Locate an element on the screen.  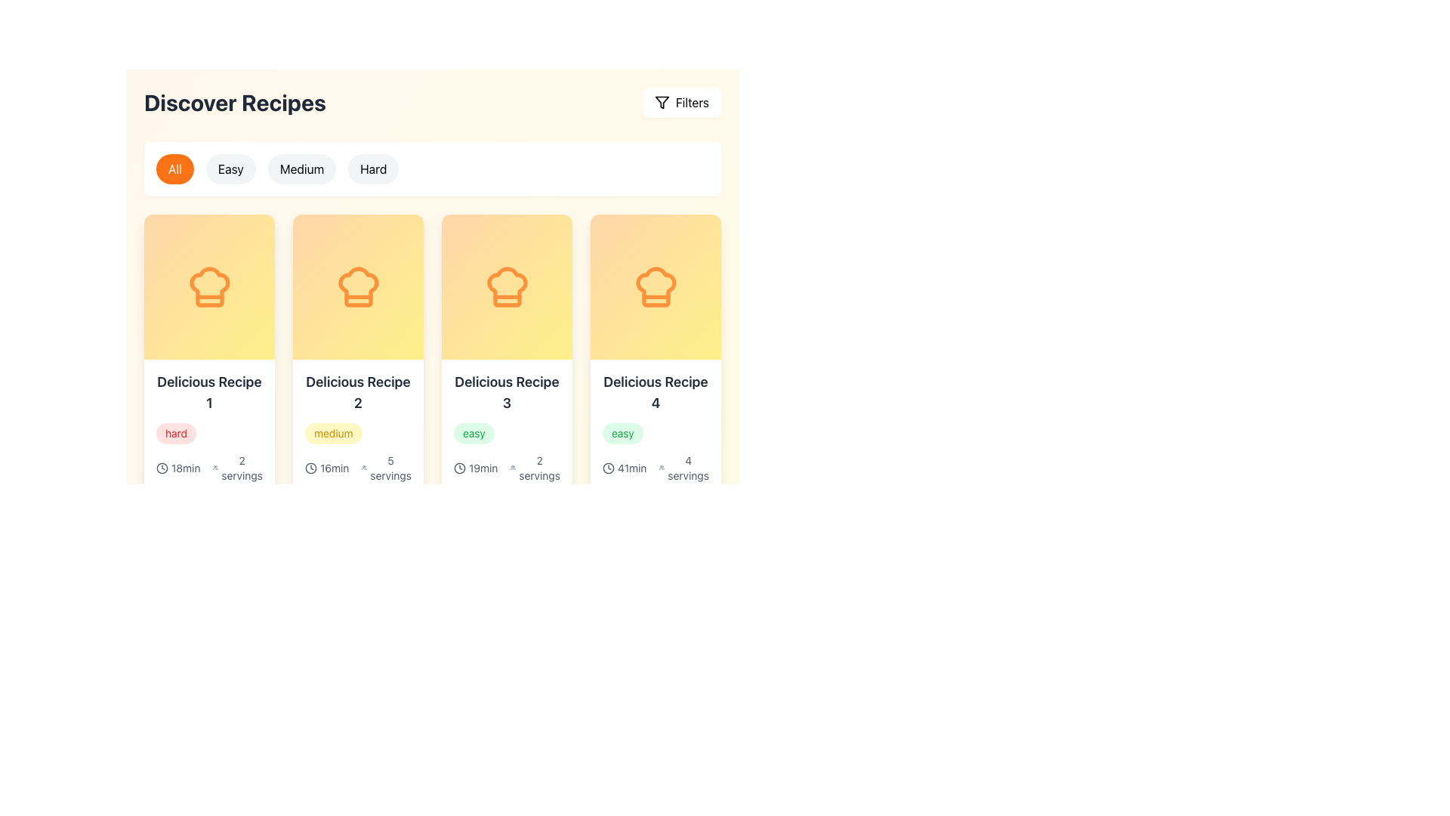
the chef's hat icon located at the top center of the first recipe card labeled 'Delicious Recipe 1', which serves as a thematic symbol for the recipe is located at coordinates (208, 286).